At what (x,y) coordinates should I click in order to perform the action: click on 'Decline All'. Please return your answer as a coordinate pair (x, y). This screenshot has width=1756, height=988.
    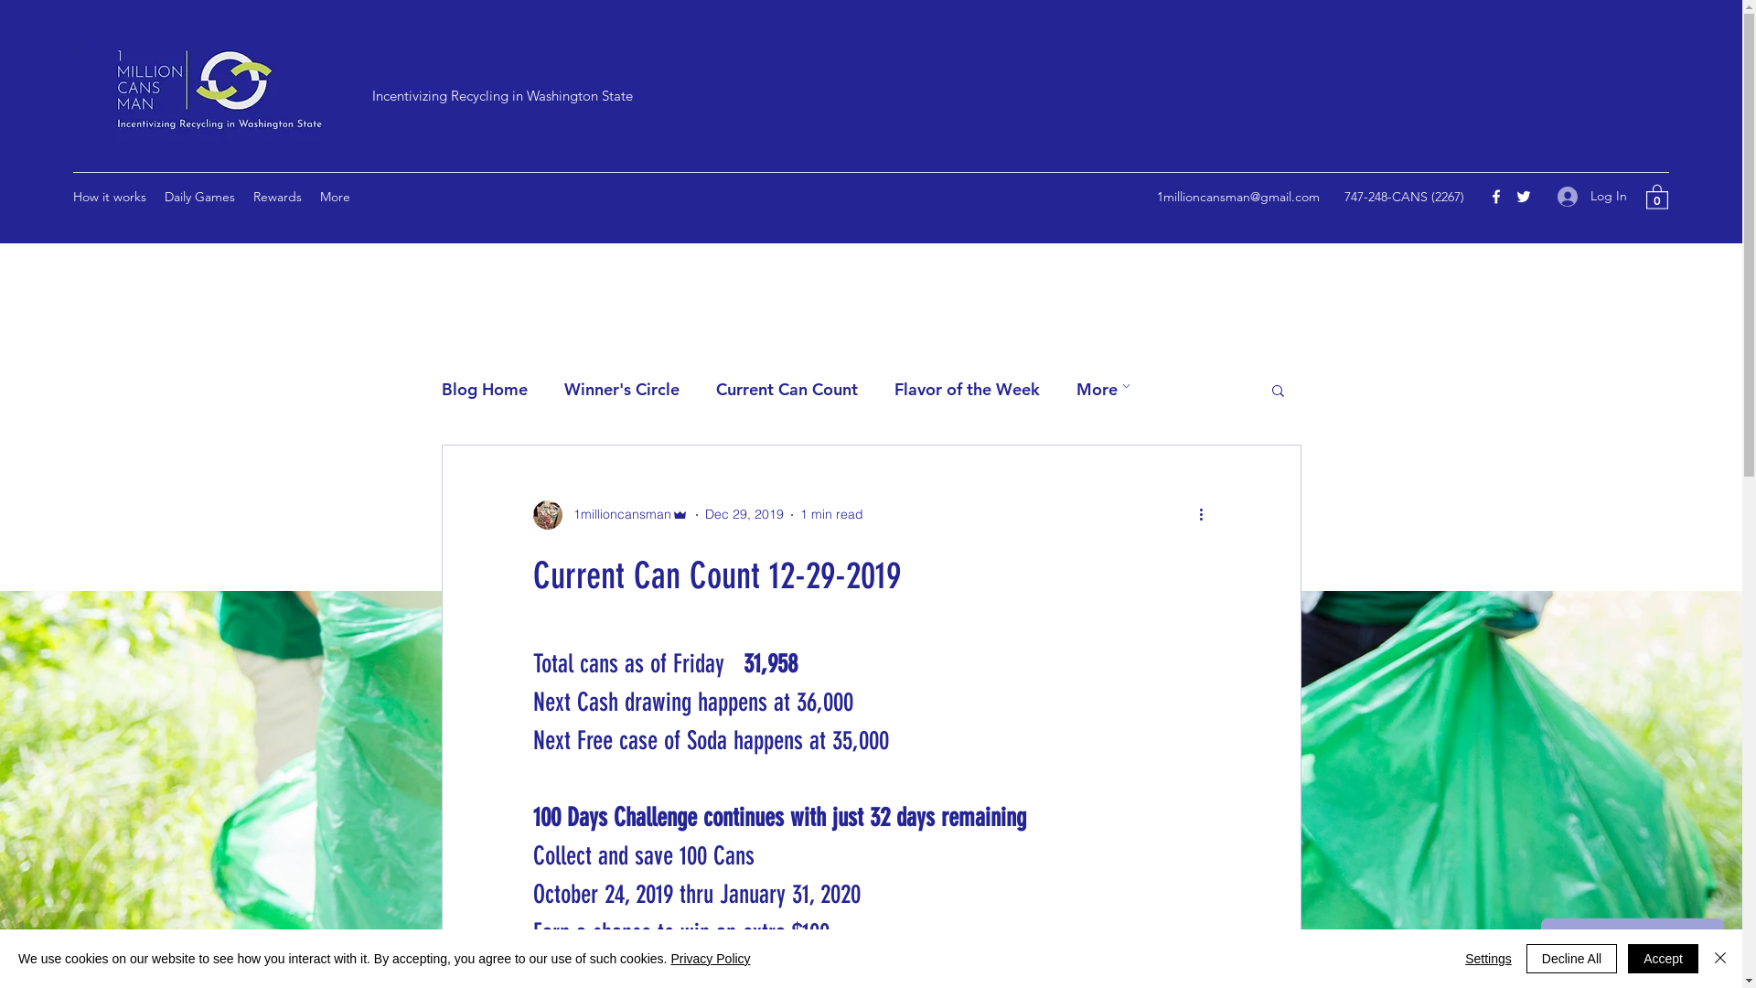
    Looking at the image, I should click on (1570, 958).